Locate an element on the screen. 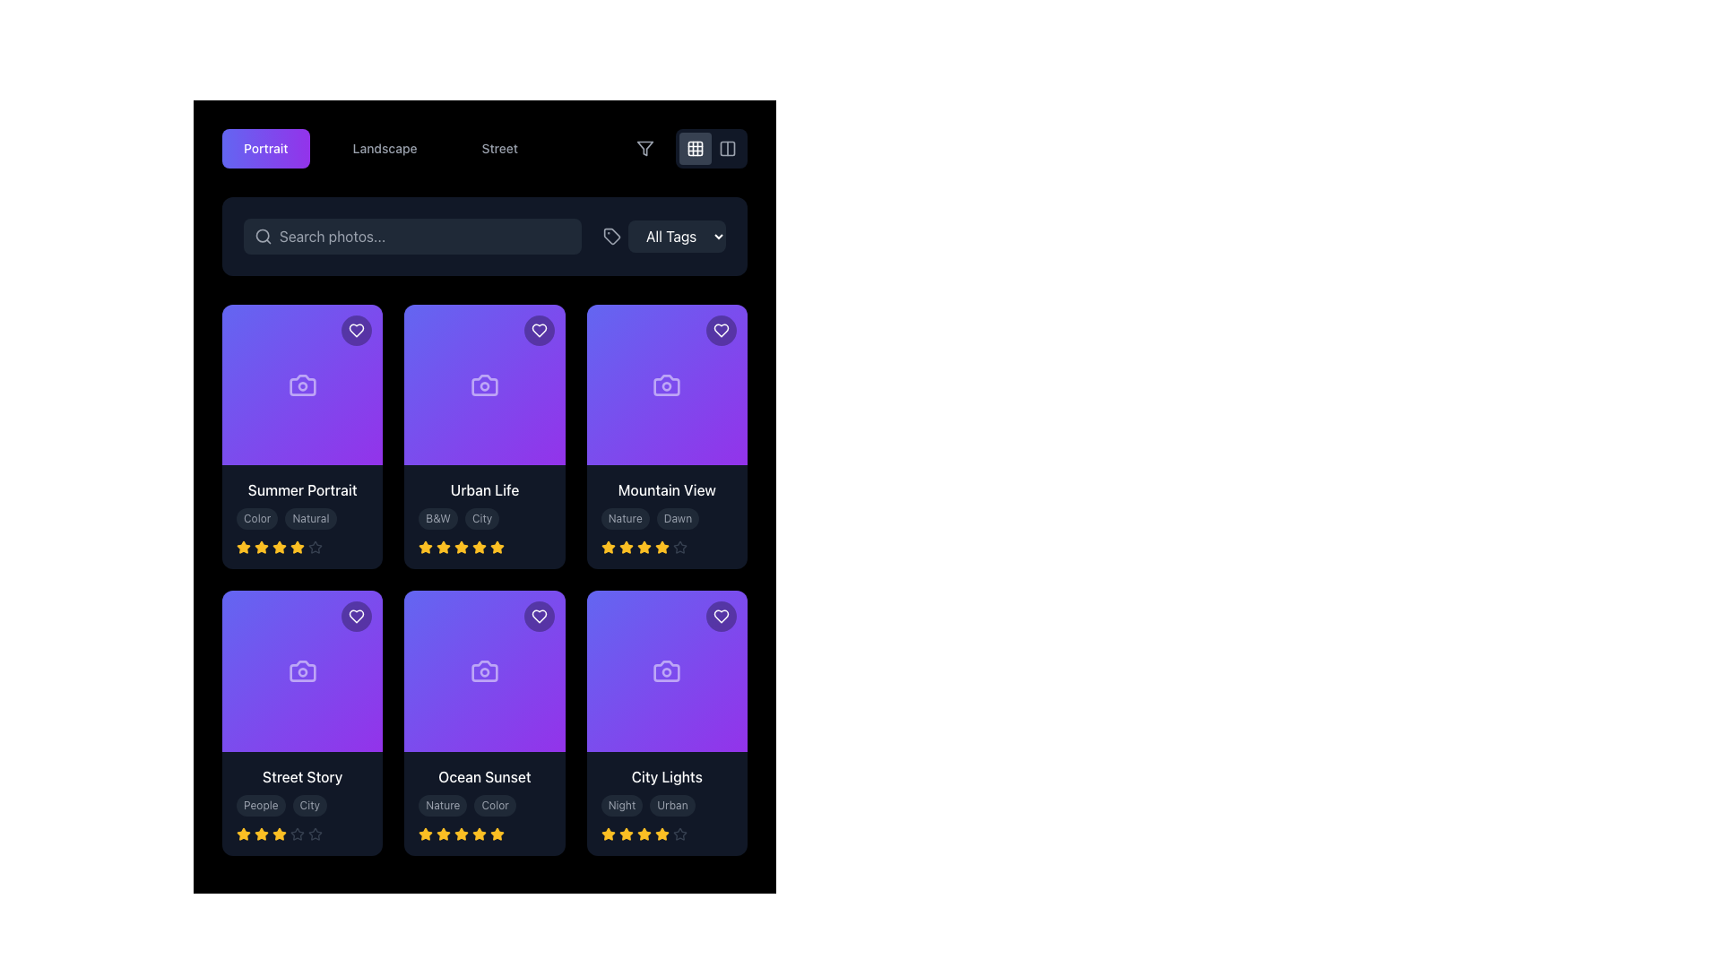 The height and width of the screenshot is (968, 1721). textual content of the Informational panel located at the bottom section of the 'Mountain View' card, which is the third card in the top row of the grid is located at coordinates (666, 517).